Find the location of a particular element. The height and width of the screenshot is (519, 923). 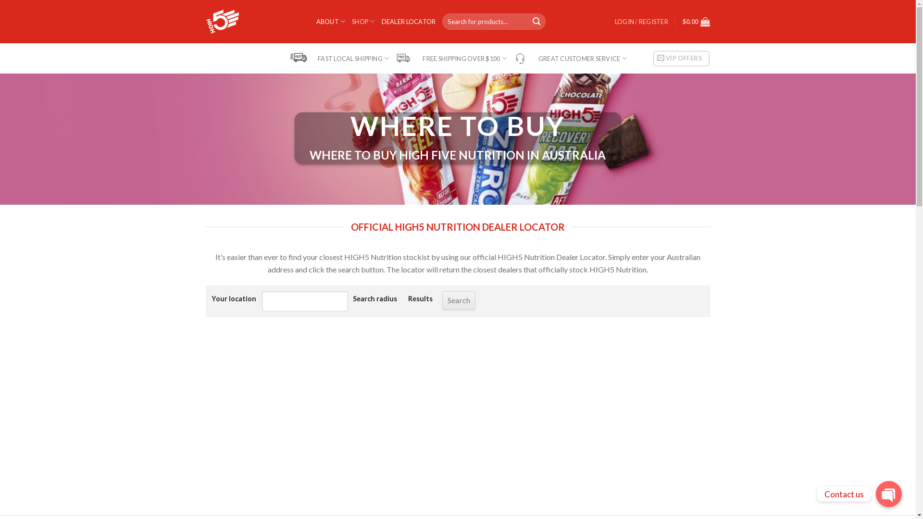

'VIP OFFERS' is located at coordinates (681, 59).